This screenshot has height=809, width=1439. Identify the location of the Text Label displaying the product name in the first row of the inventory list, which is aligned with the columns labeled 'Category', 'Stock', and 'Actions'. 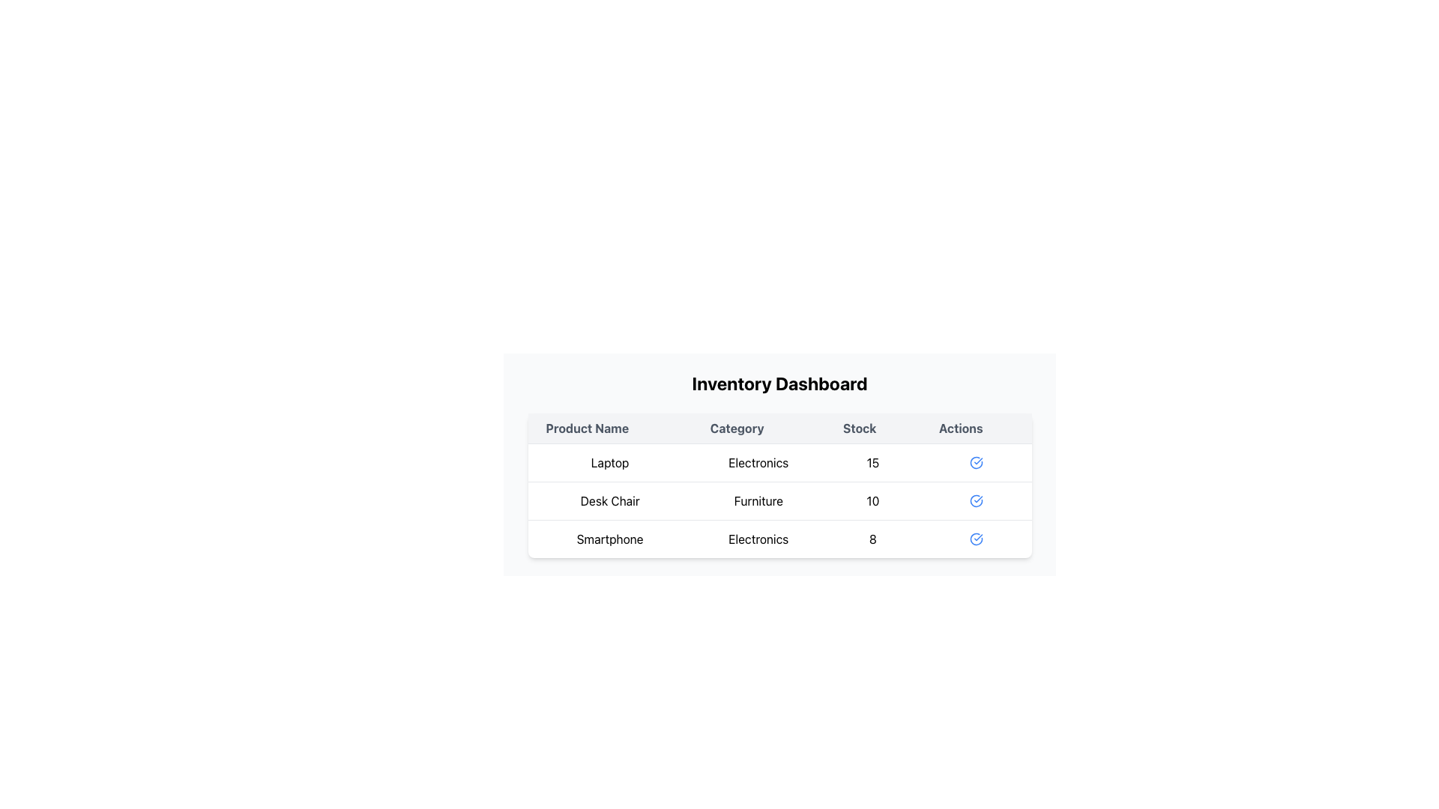
(610, 461).